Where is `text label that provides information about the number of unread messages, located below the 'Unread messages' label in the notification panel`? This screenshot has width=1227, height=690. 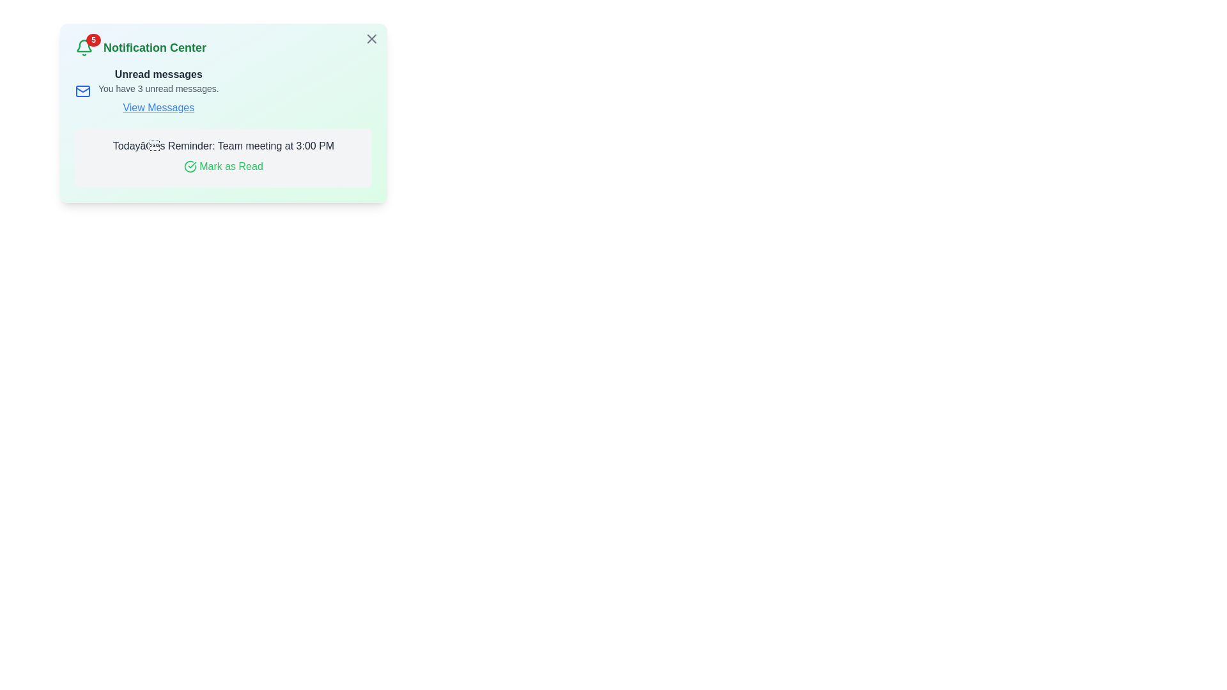
text label that provides information about the number of unread messages, located below the 'Unread messages' label in the notification panel is located at coordinates (158, 88).